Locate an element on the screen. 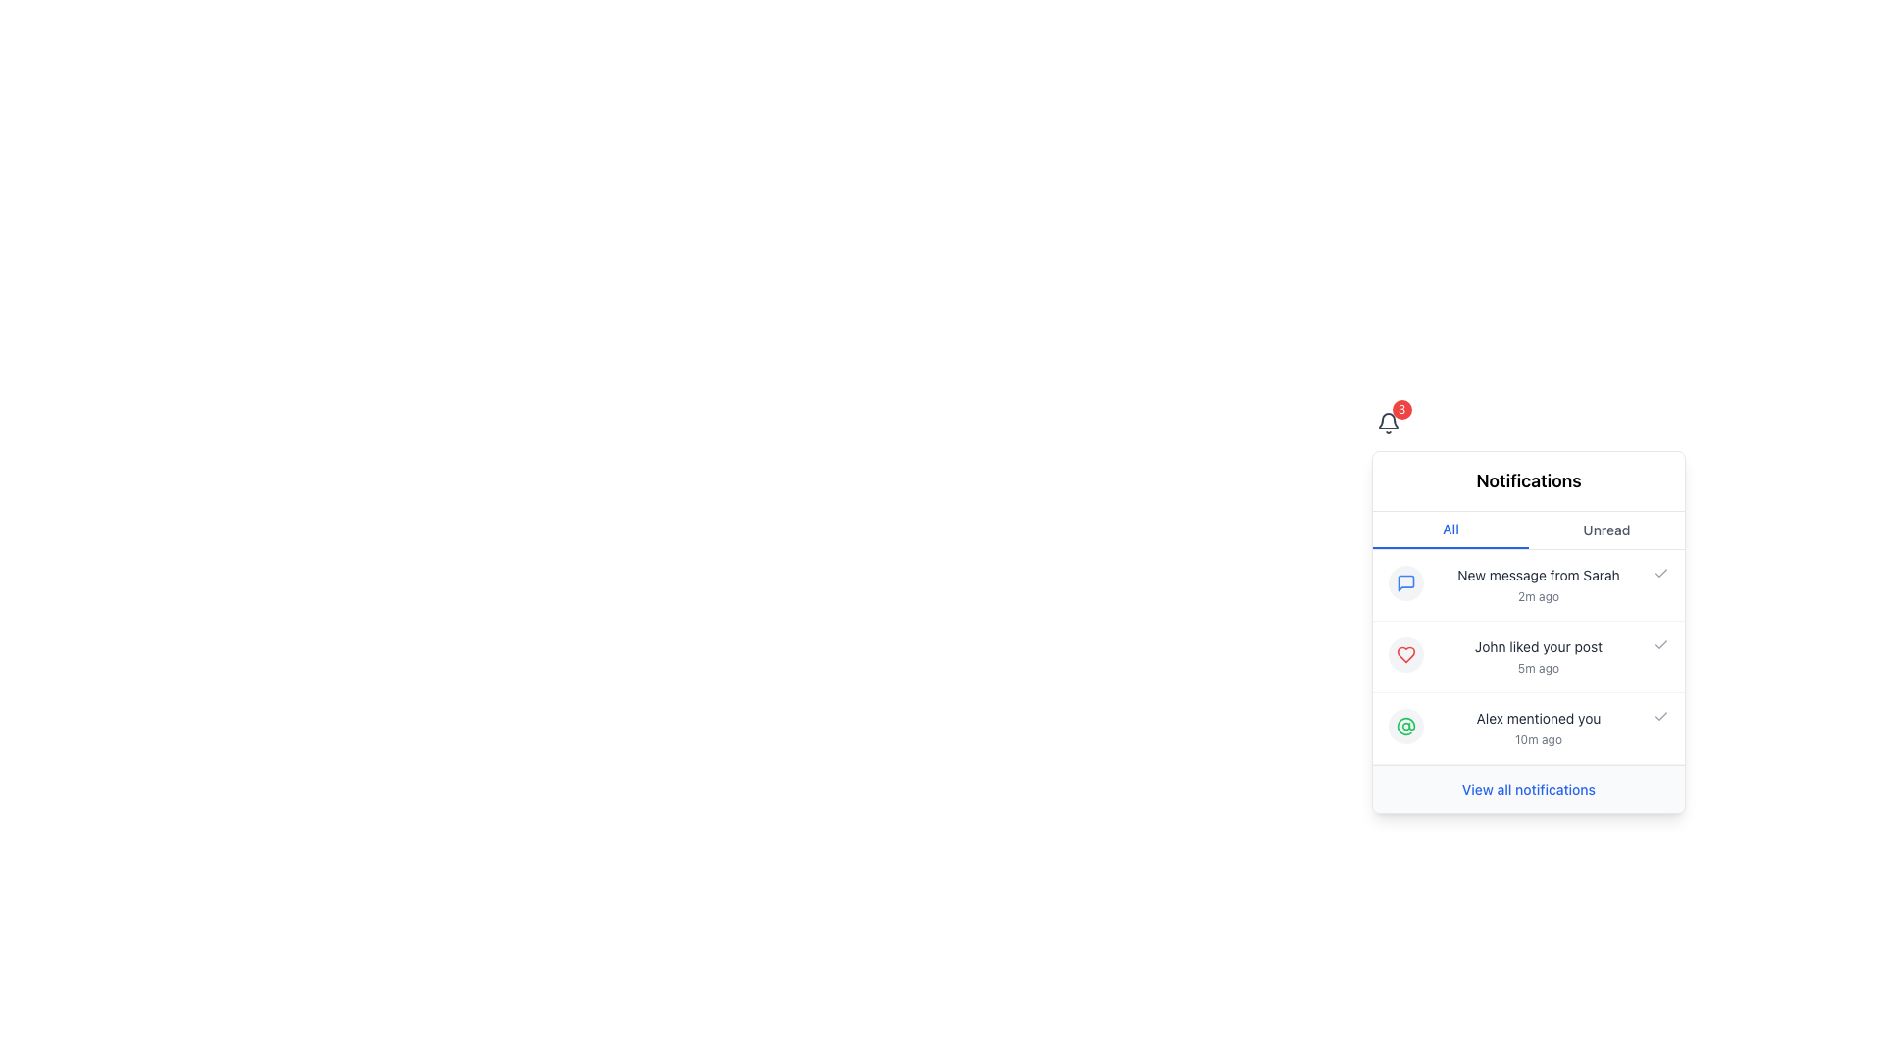  the active 'All' tab in the notifications dropdown menu is located at coordinates (1528, 529).